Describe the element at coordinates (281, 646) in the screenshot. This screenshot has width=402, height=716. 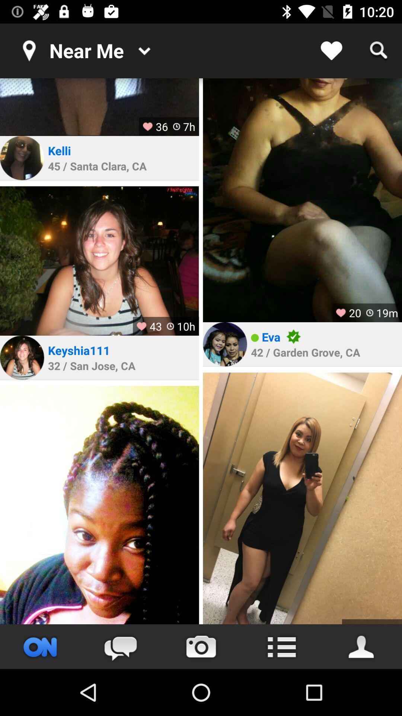
I see `list format` at that location.